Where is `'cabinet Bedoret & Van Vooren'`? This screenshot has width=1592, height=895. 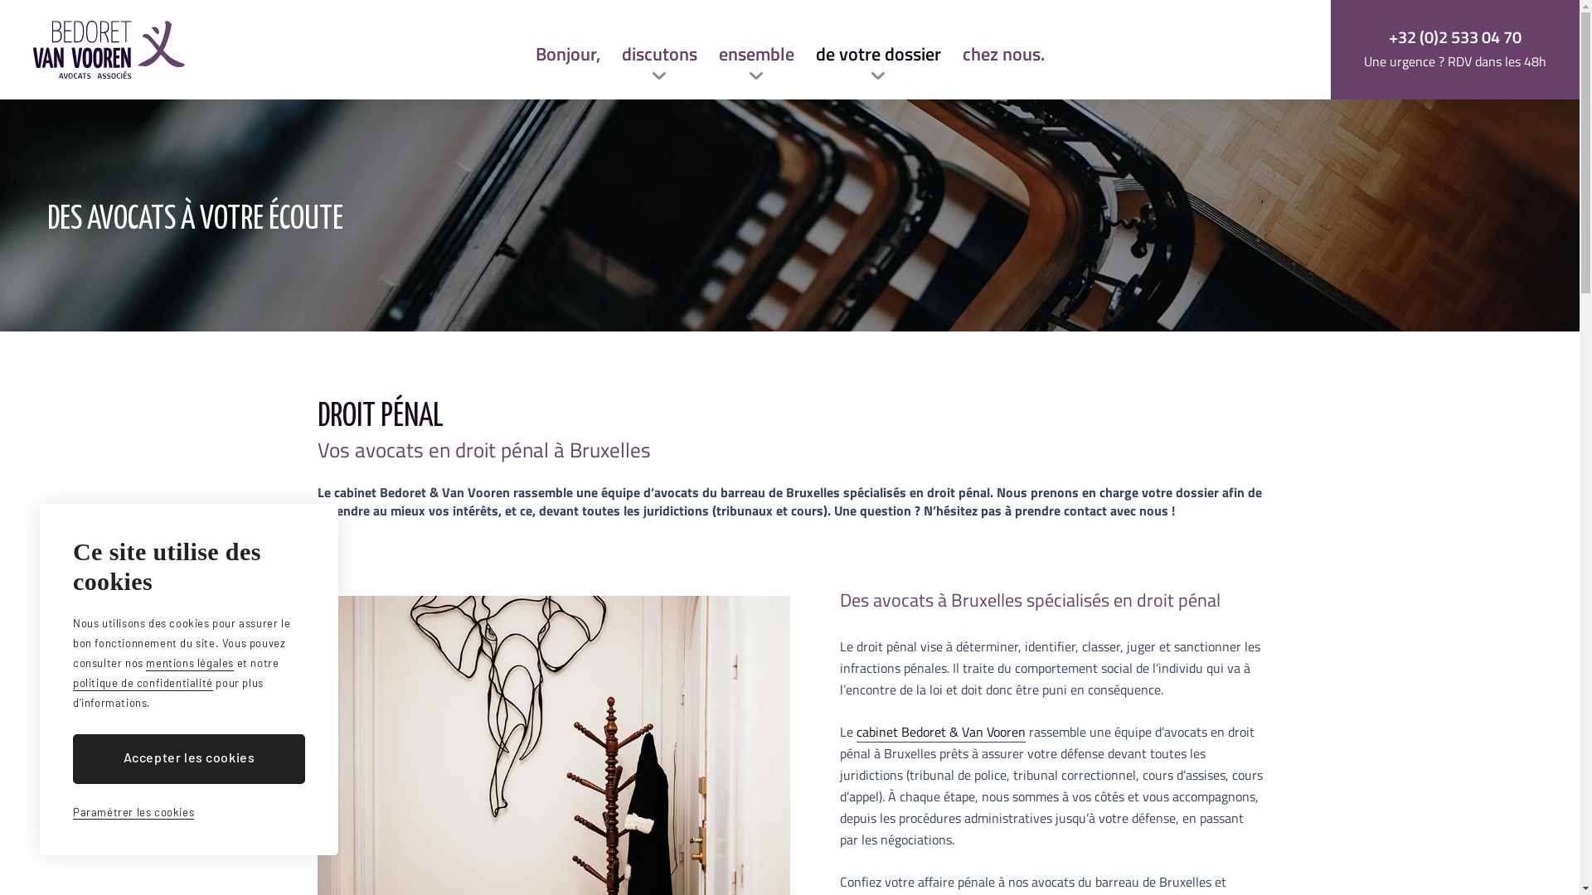
'cabinet Bedoret & Van Vooren' is located at coordinates (939, 731).